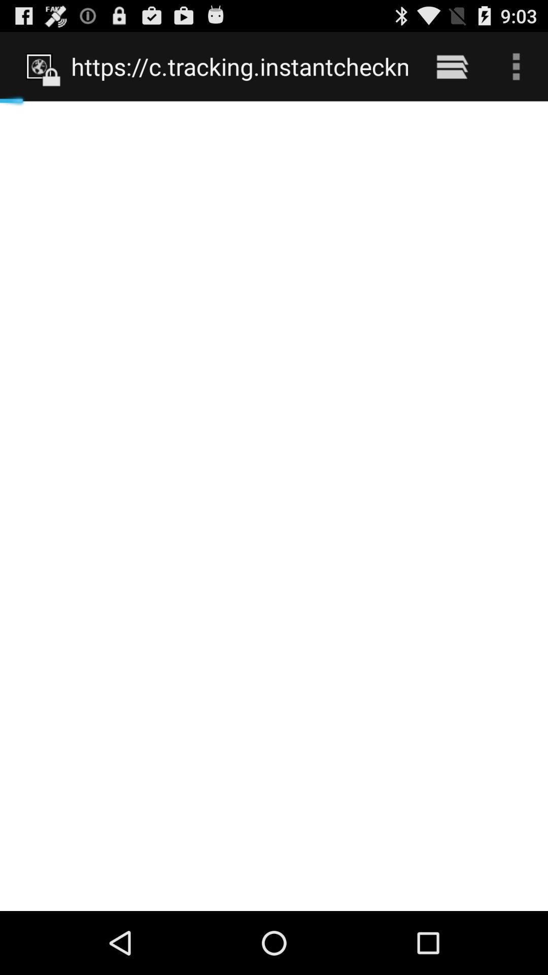 This screenshot has width=548, height=975. I want to click on item at the center, so click(274, 506).